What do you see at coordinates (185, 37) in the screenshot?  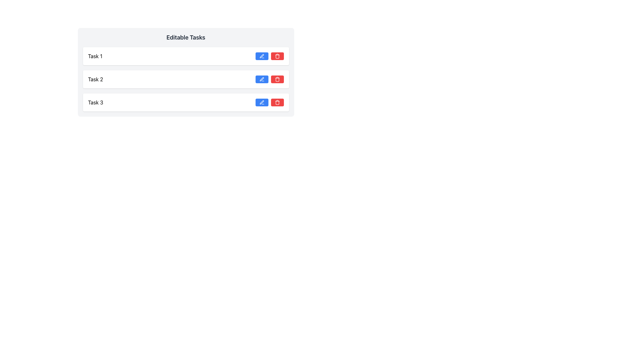 I see `the Text Label that displays 'Editable Tasks', which is styled in bold and large font, located centrally above the task list` at bounding box center [185, 37].